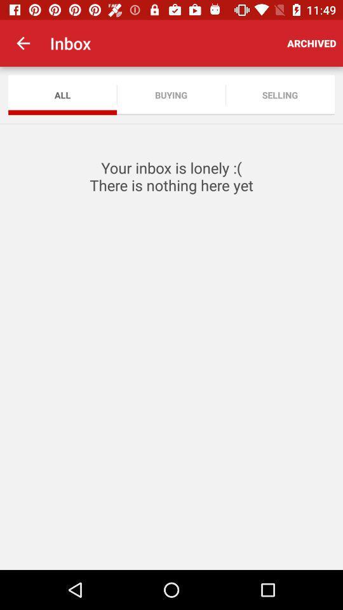 This screenshot has width=343, height=610. Describe the element at coordinates (23, 43) in the screenshot. I see `the item to the left of inbox` at that location.